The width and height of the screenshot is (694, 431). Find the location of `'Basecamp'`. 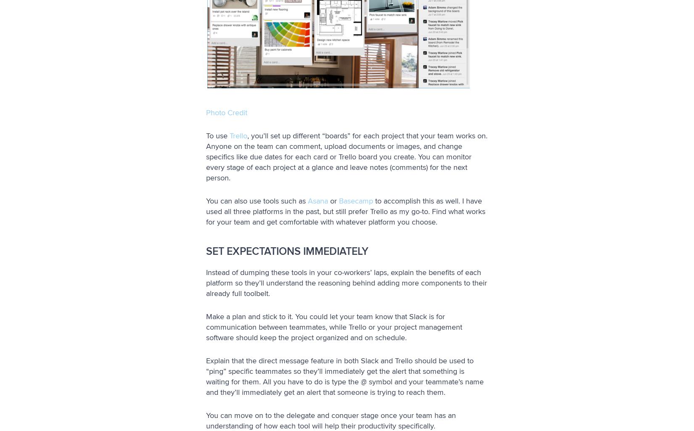

'Basecamp' is located at coordinates (339, 201).